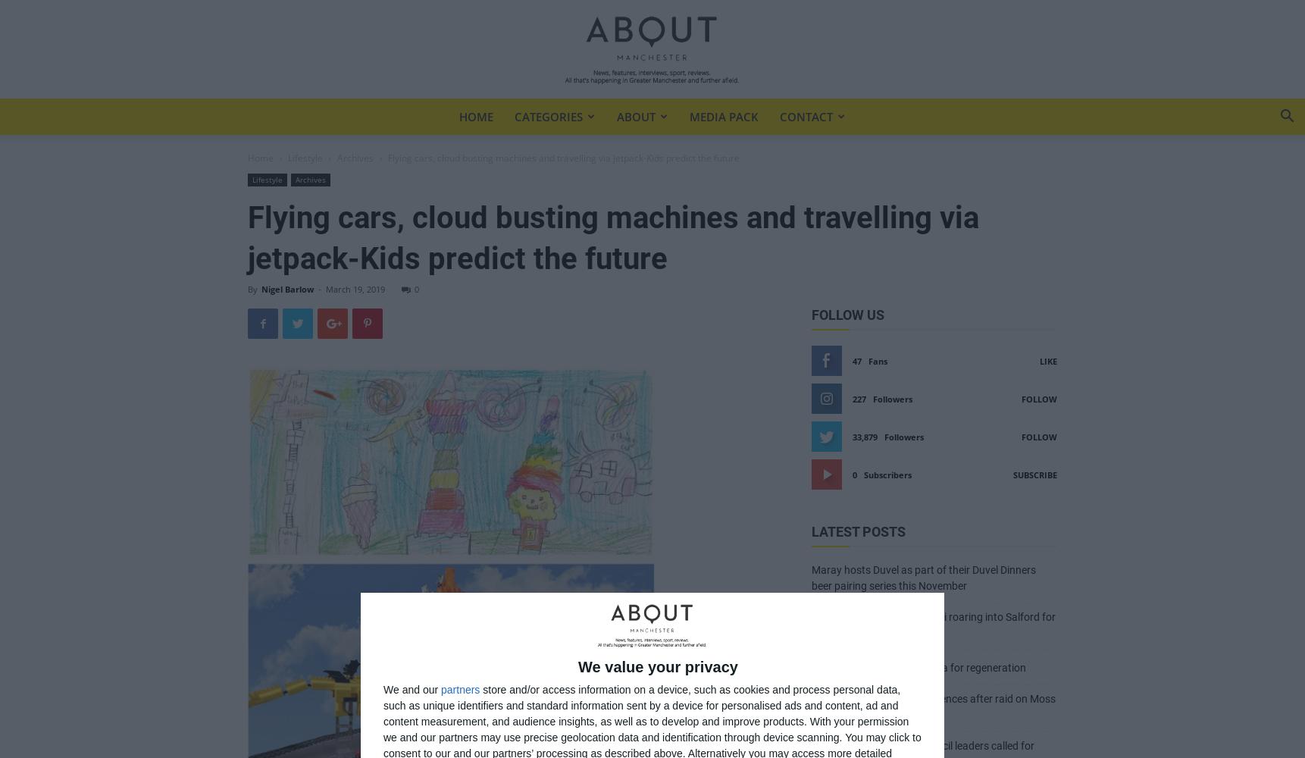 The width and height of the screenshot is (1305, 758). What do you see at coordinates (260, 289) in the screenshot?
I see `'Nigel Barlow'` at bounding box center [260, 289].